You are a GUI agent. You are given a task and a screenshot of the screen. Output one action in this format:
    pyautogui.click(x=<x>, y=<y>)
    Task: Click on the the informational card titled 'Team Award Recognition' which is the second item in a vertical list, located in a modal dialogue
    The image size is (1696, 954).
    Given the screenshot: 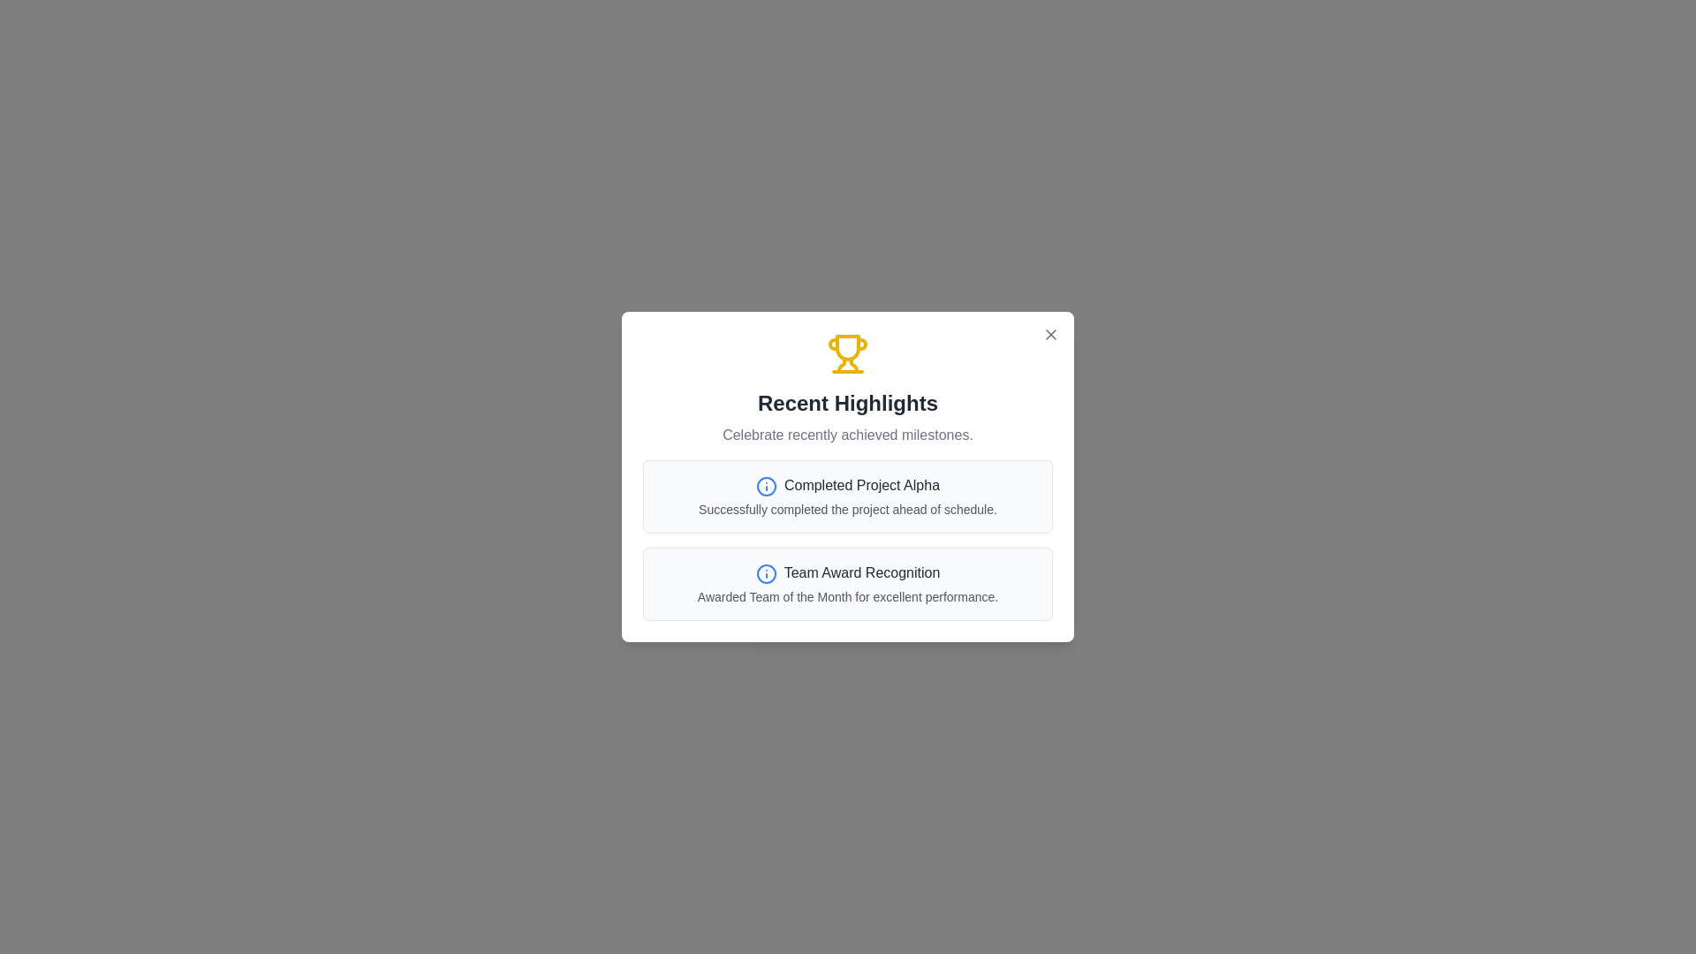 What is the action you would take?
    pyautogui.click(x=848, y=583)
    